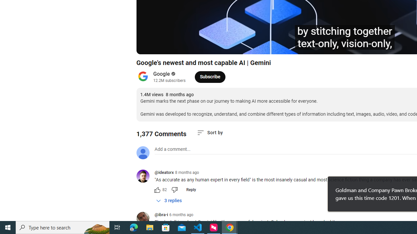  Describe the element at coordinates (157, 189) in the screenshot. I see `'Like this comment along with 82 other people'` at that location.